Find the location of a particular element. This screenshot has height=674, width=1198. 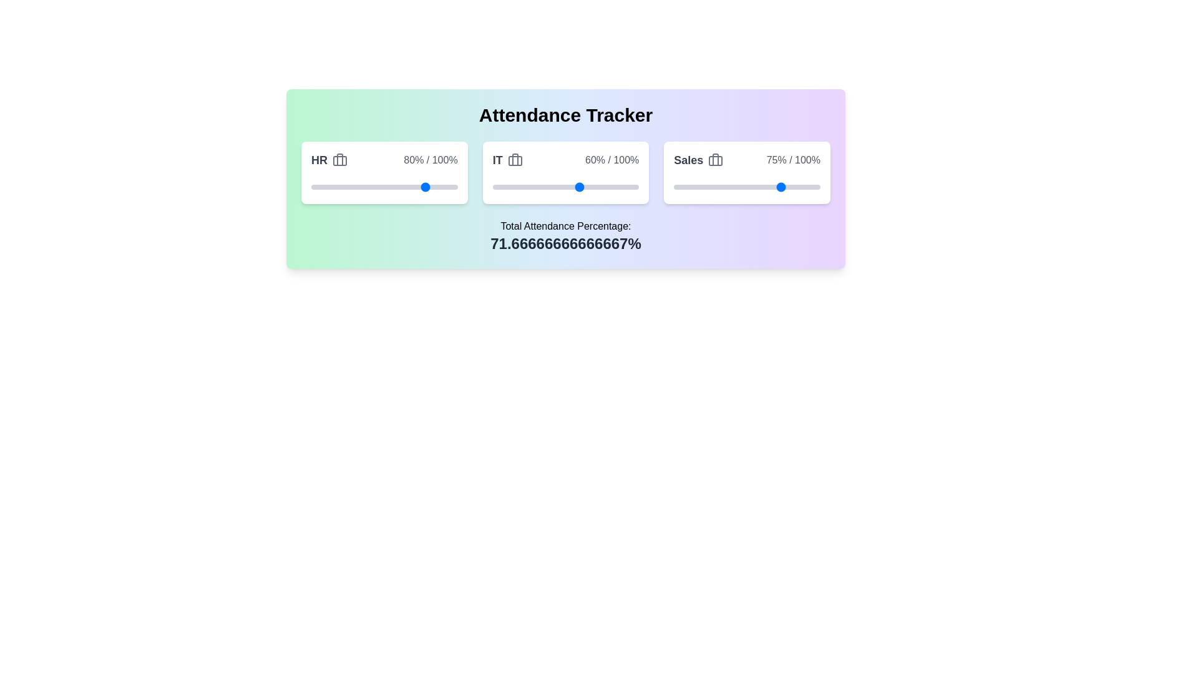

the slider value is located at coordinates (503, 187).